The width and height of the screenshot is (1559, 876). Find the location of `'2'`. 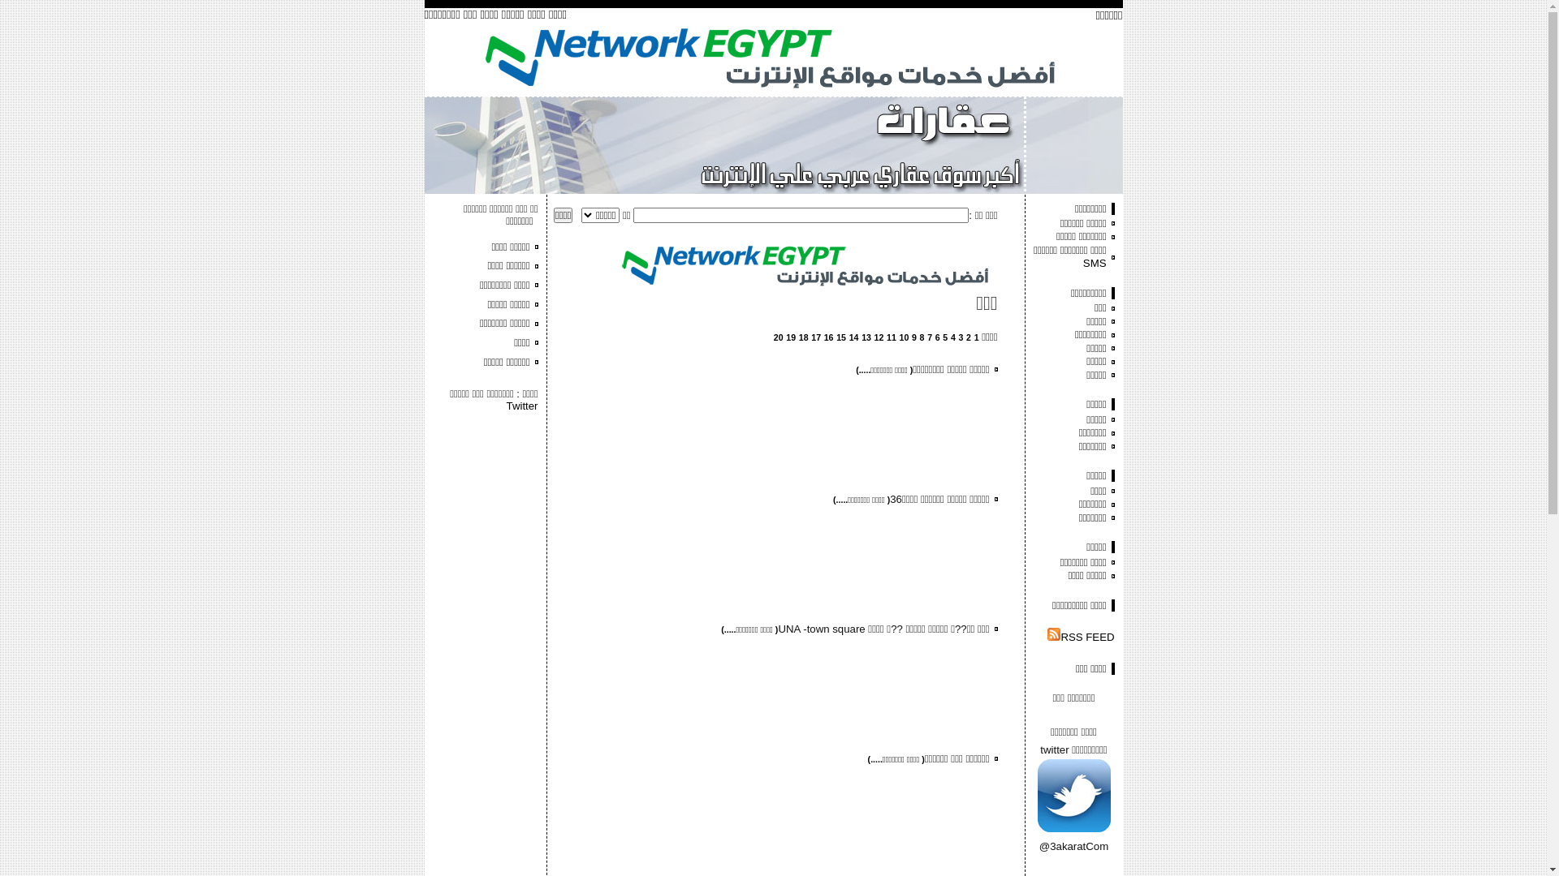

'2' is located at coordinates (966, 337).